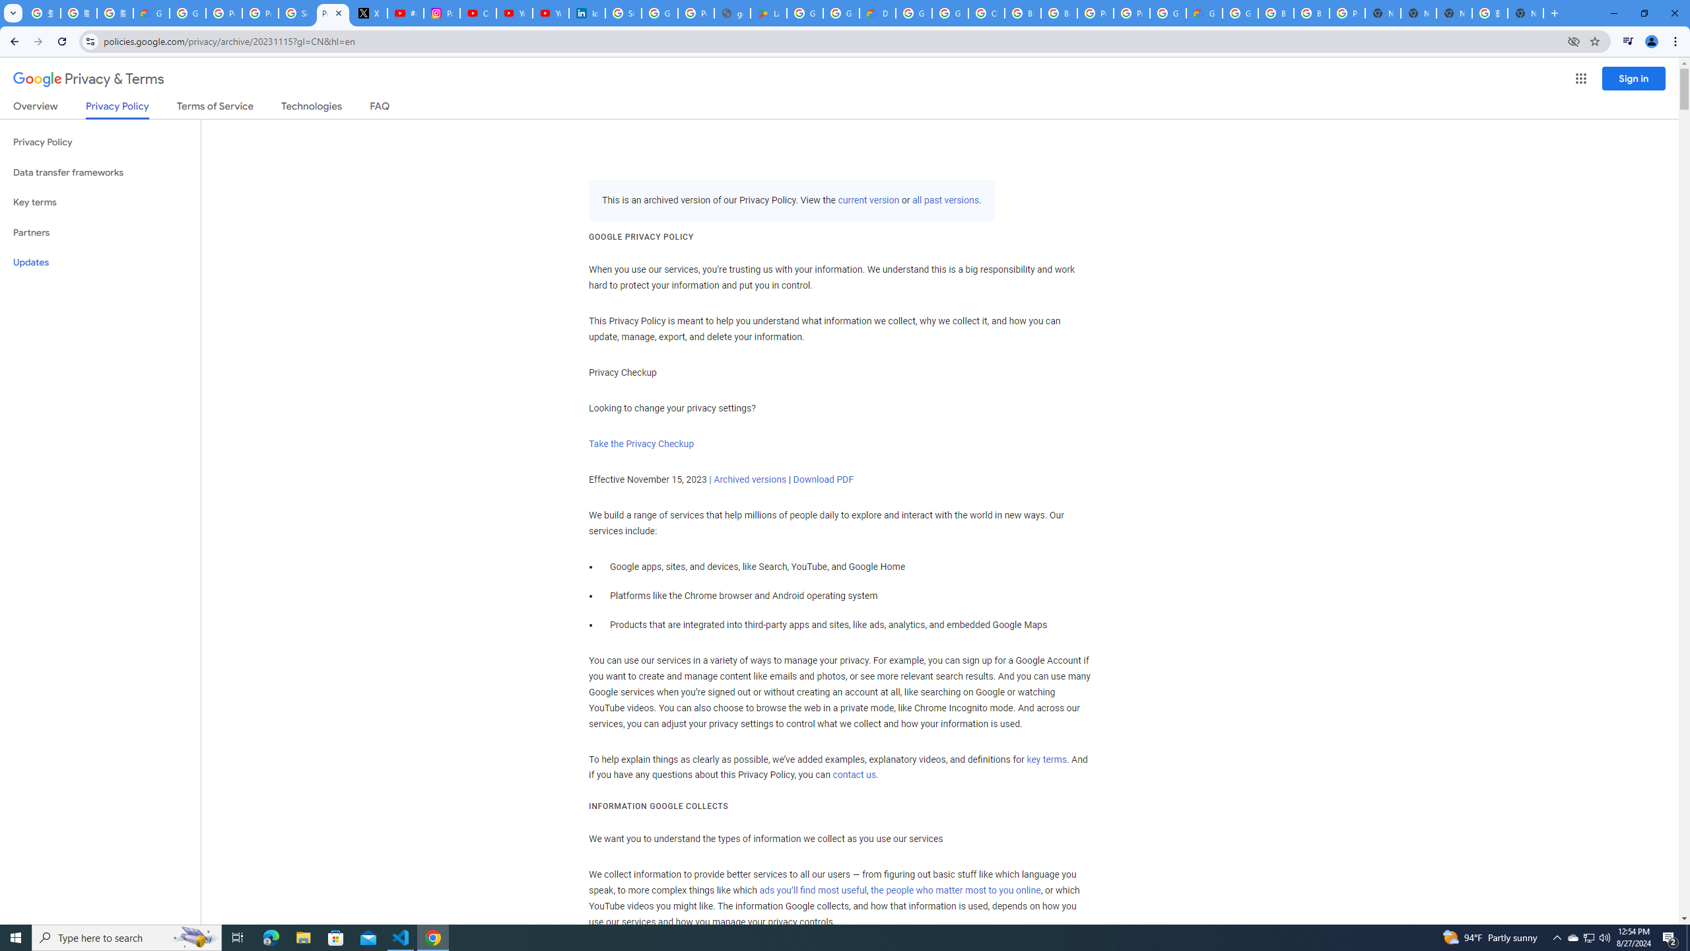 Image resolution: width=1690 pixels, height=951 pixels. What do you see at coordinates (840, 13) in the screenshot?
I see `'Google Workspace - Specific Terms'` at bounding box center [840, 13].